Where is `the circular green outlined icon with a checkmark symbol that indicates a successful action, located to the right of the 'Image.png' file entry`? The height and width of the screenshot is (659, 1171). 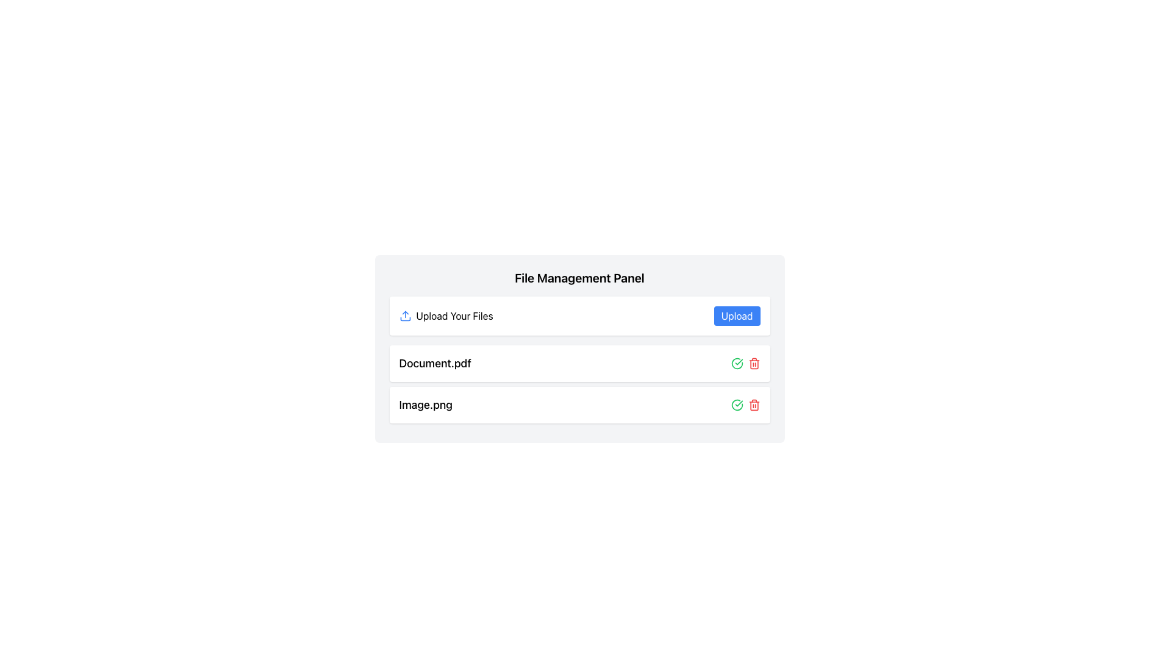 the circular green outlined icon with a checkmark symbol that indicates a successful action, located to the right of the 'Image.png' file entry is located at coordinates (736, 363).